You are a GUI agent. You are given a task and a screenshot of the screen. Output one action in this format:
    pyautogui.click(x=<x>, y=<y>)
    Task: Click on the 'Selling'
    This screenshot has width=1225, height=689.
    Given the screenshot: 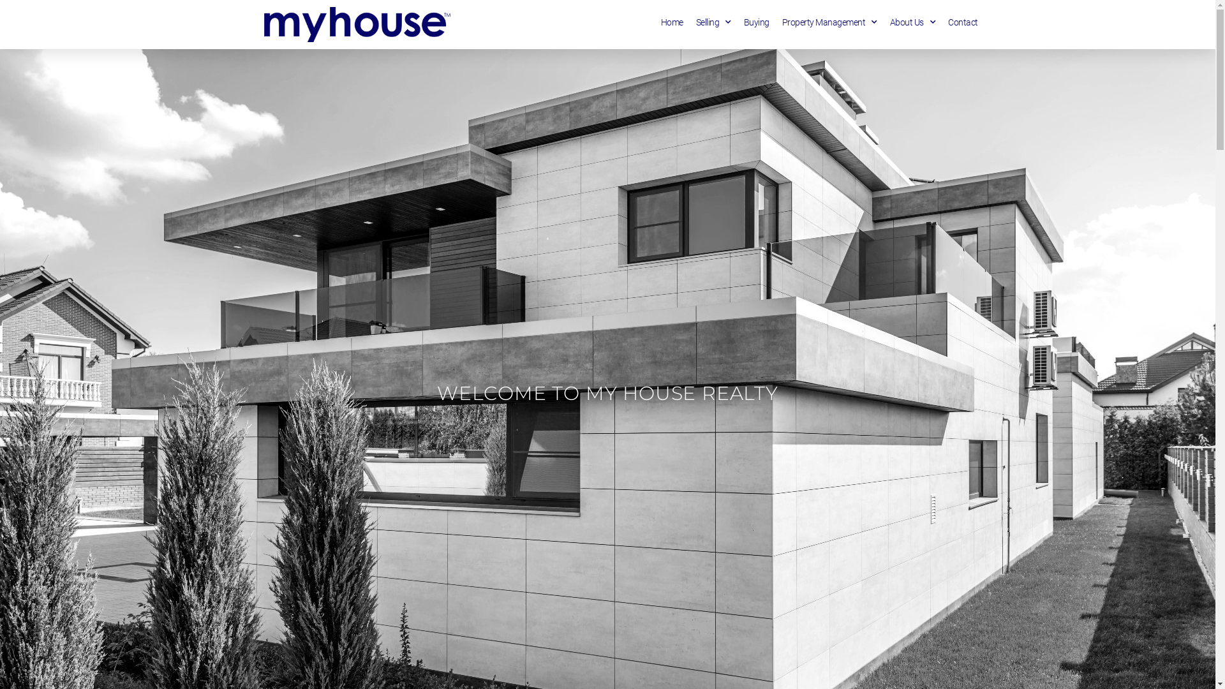 What is the action you would take?
    pyautogui.click(x=712, y=22)
    